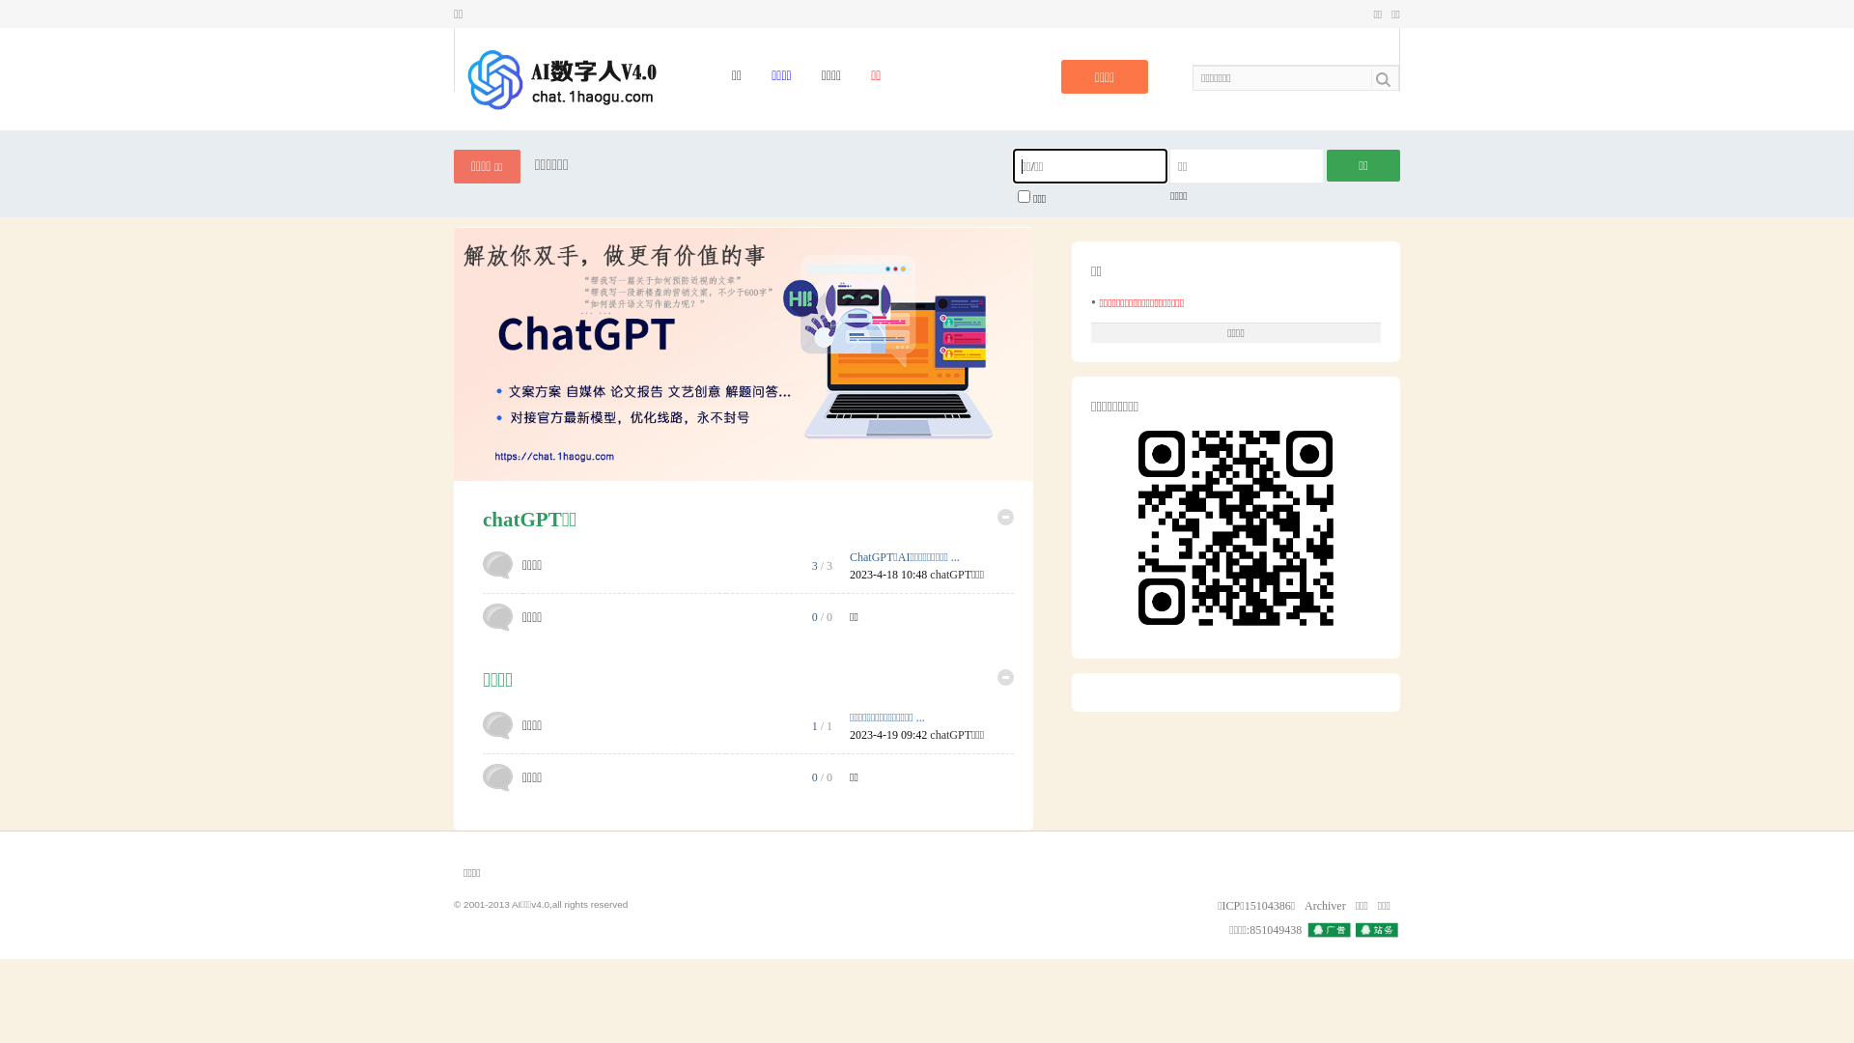 This screenshot has width=1854, height=1043. I want to click on 'Archiver', so click(1304, 905).